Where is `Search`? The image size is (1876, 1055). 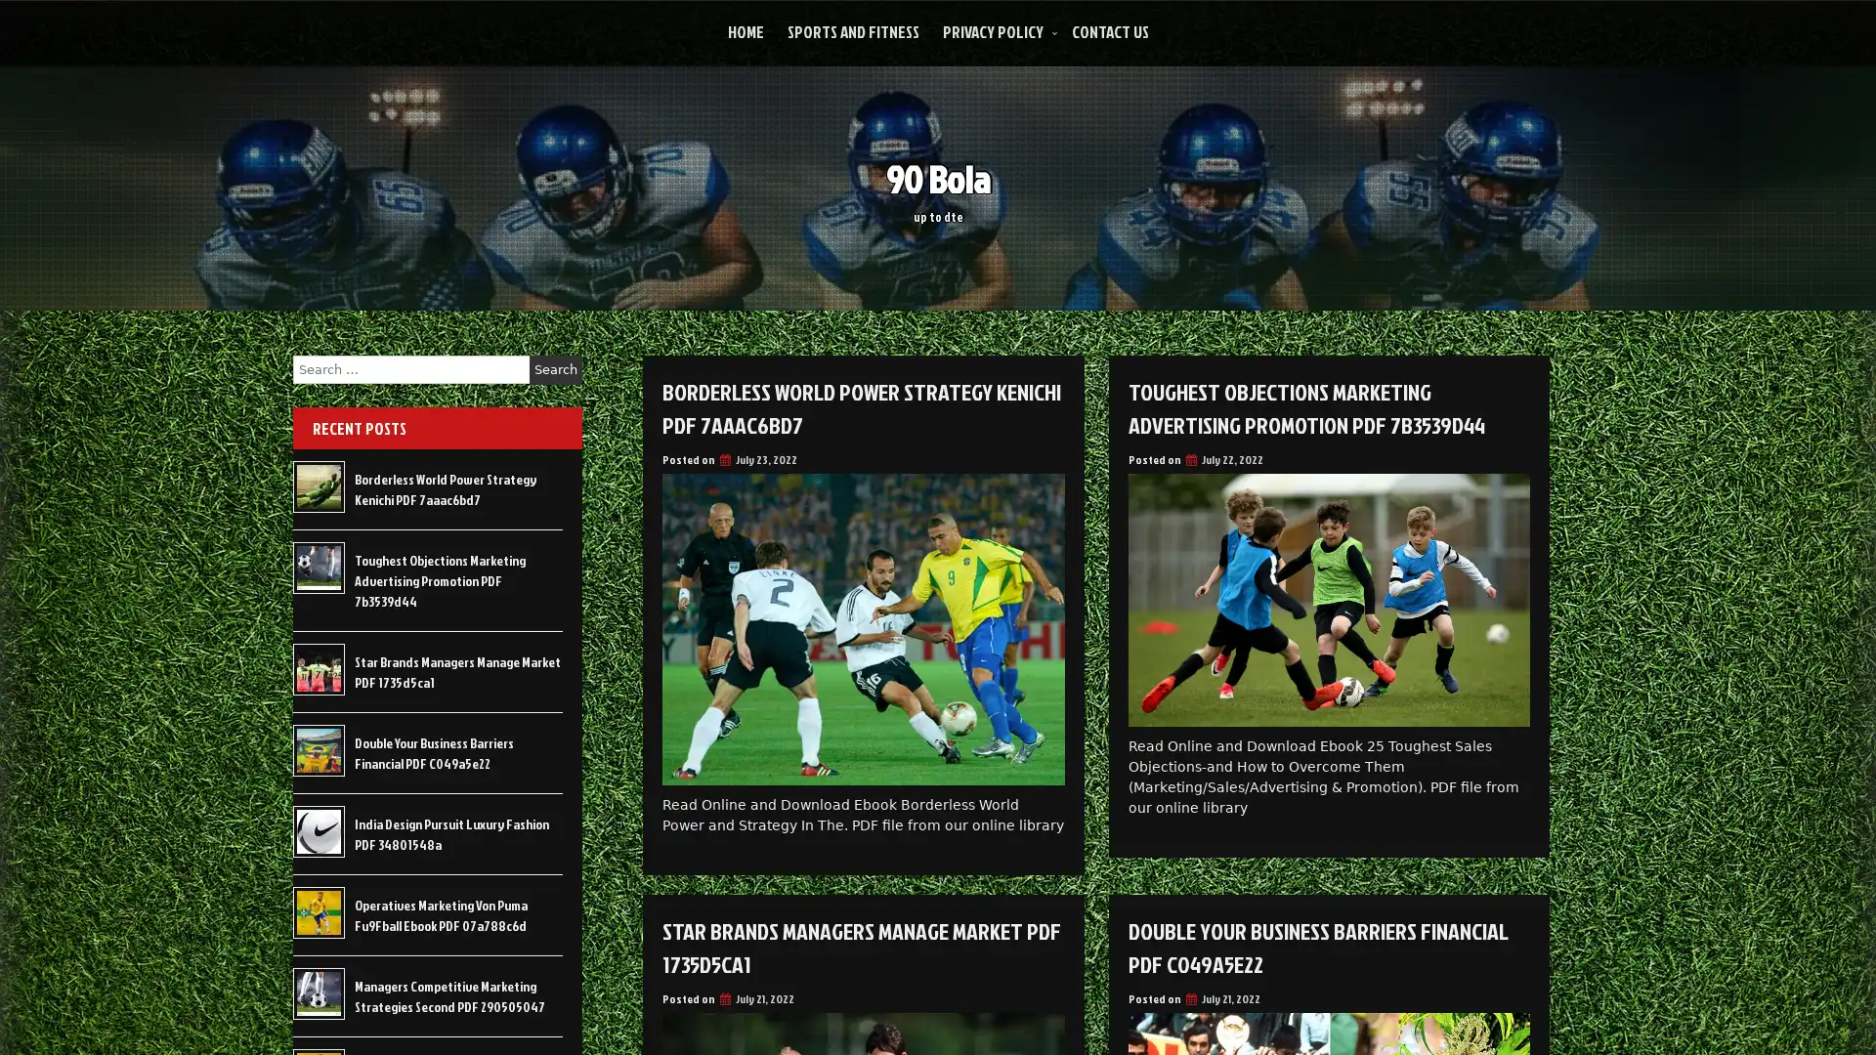 Search is located at coordinates (555, 369).